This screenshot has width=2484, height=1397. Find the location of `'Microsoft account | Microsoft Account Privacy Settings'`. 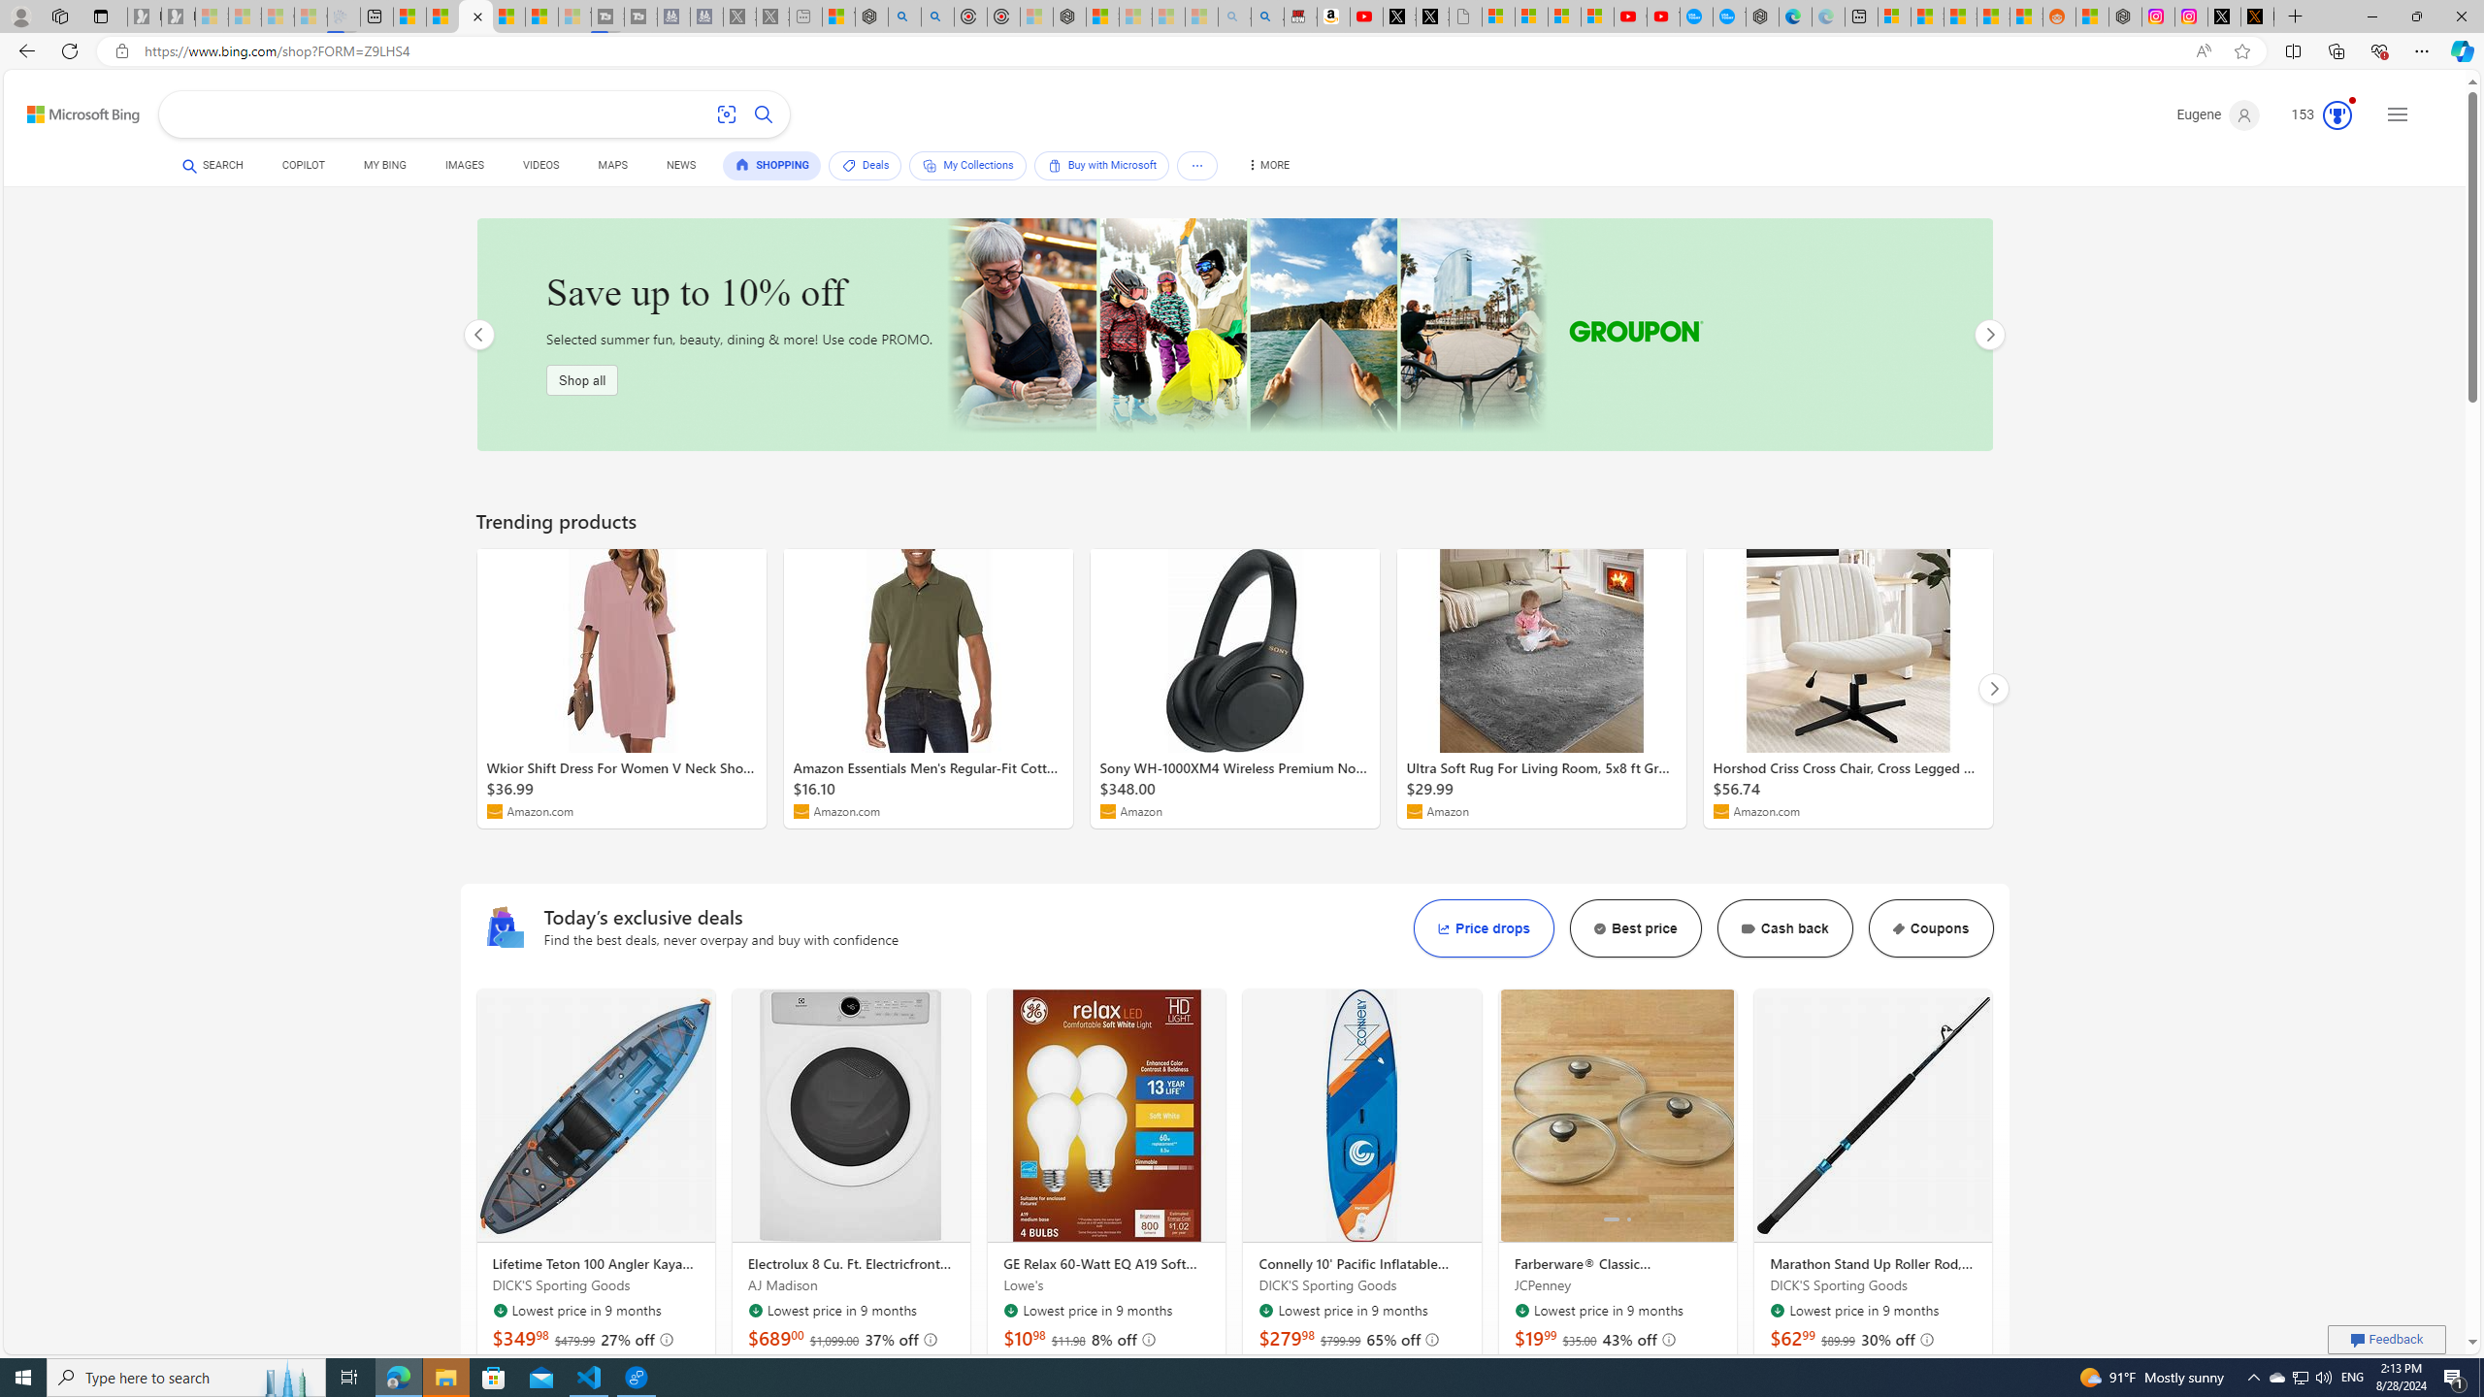

'Microsoft account | Microsoft Account Privacy Settings' is located at coordinates (1894, 16).